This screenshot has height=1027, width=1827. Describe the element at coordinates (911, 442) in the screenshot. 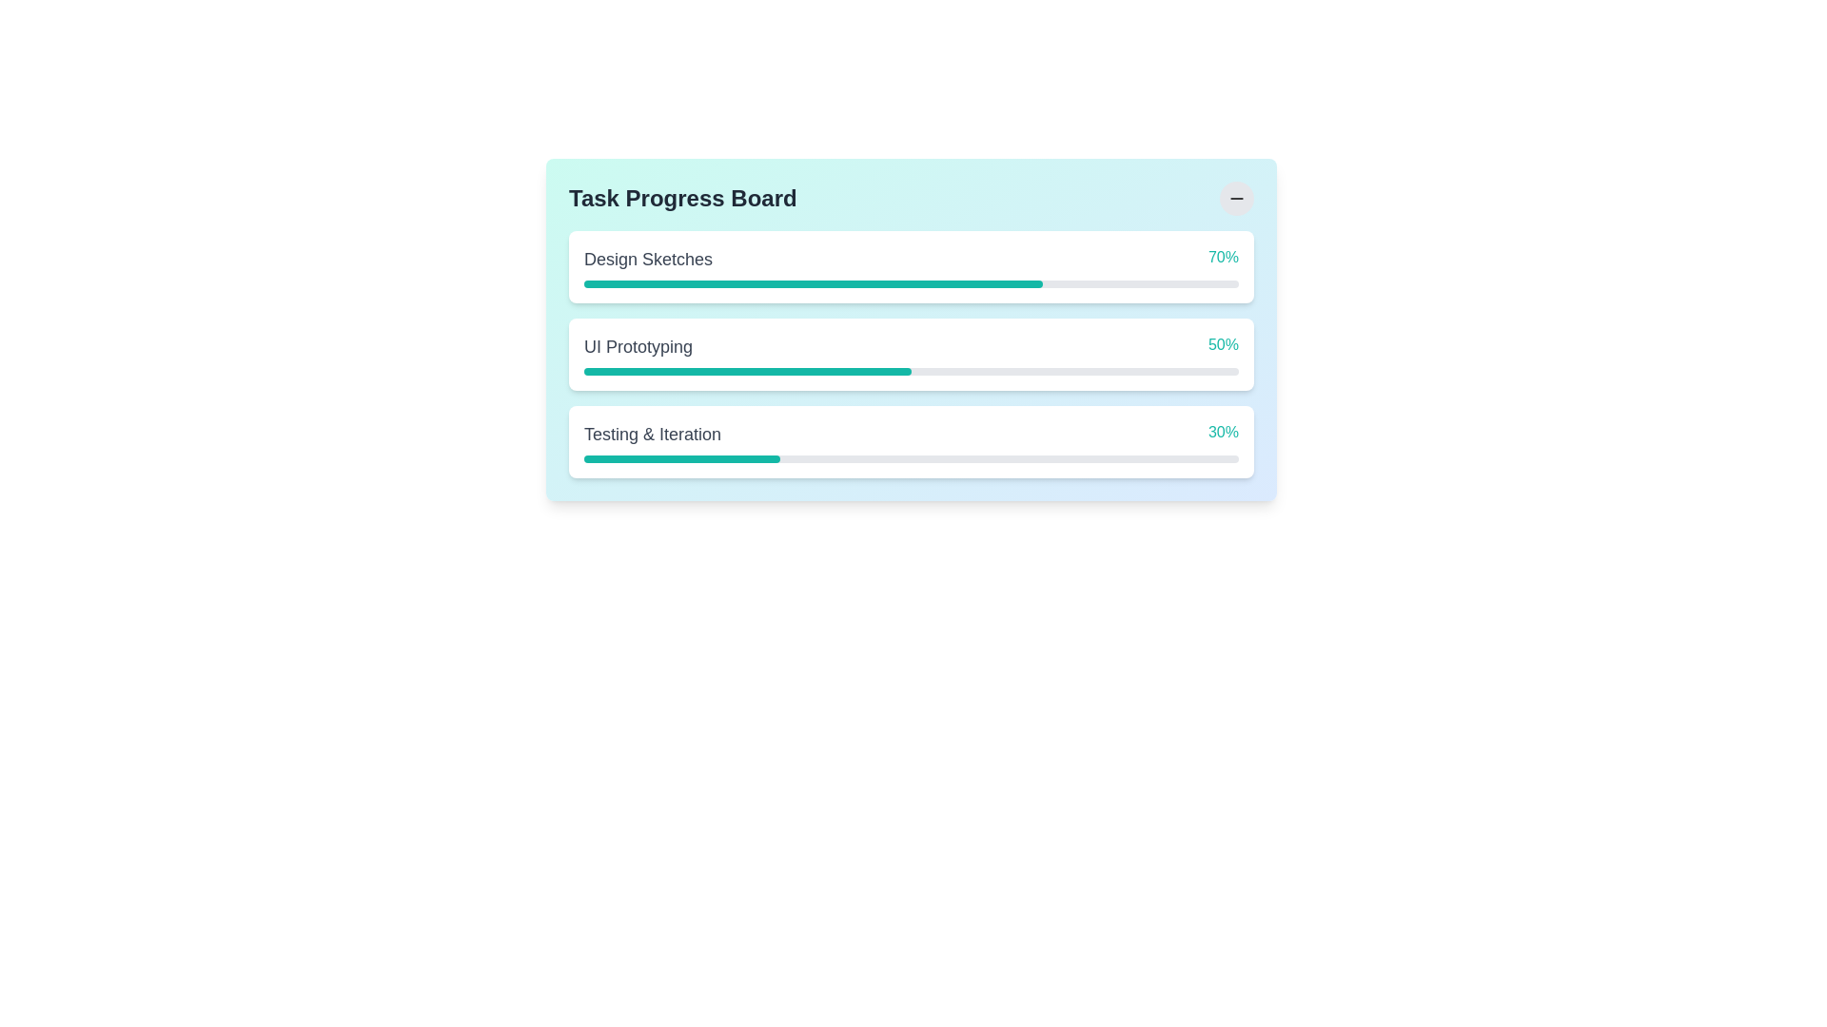

I see `the progress indicator with the title 'Testing & Iteration' and the progress percentage '30%' for navigation` at that location.